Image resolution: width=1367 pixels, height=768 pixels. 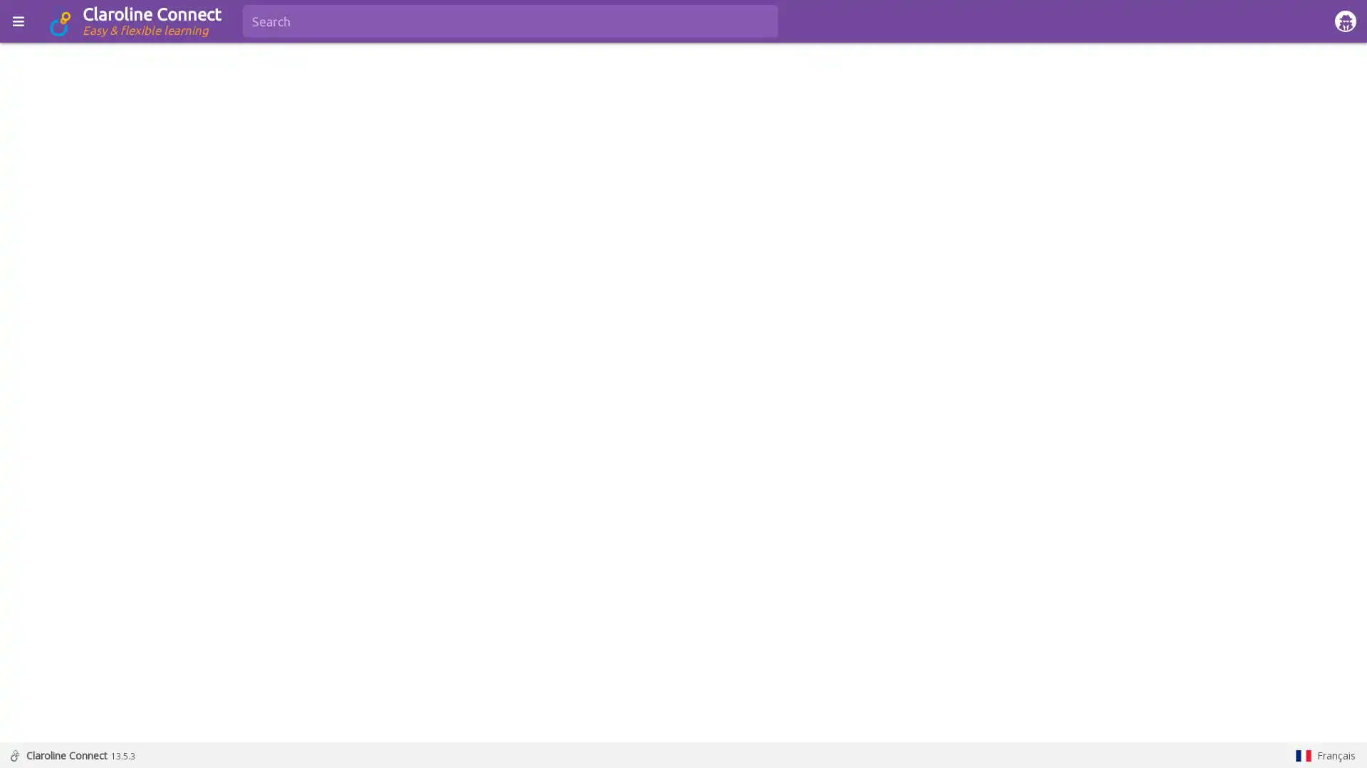 What do you see at coordinates (1303, 251) in the screenshot?
I see `Show in fullscreen` at bounding box center [1303, 251].